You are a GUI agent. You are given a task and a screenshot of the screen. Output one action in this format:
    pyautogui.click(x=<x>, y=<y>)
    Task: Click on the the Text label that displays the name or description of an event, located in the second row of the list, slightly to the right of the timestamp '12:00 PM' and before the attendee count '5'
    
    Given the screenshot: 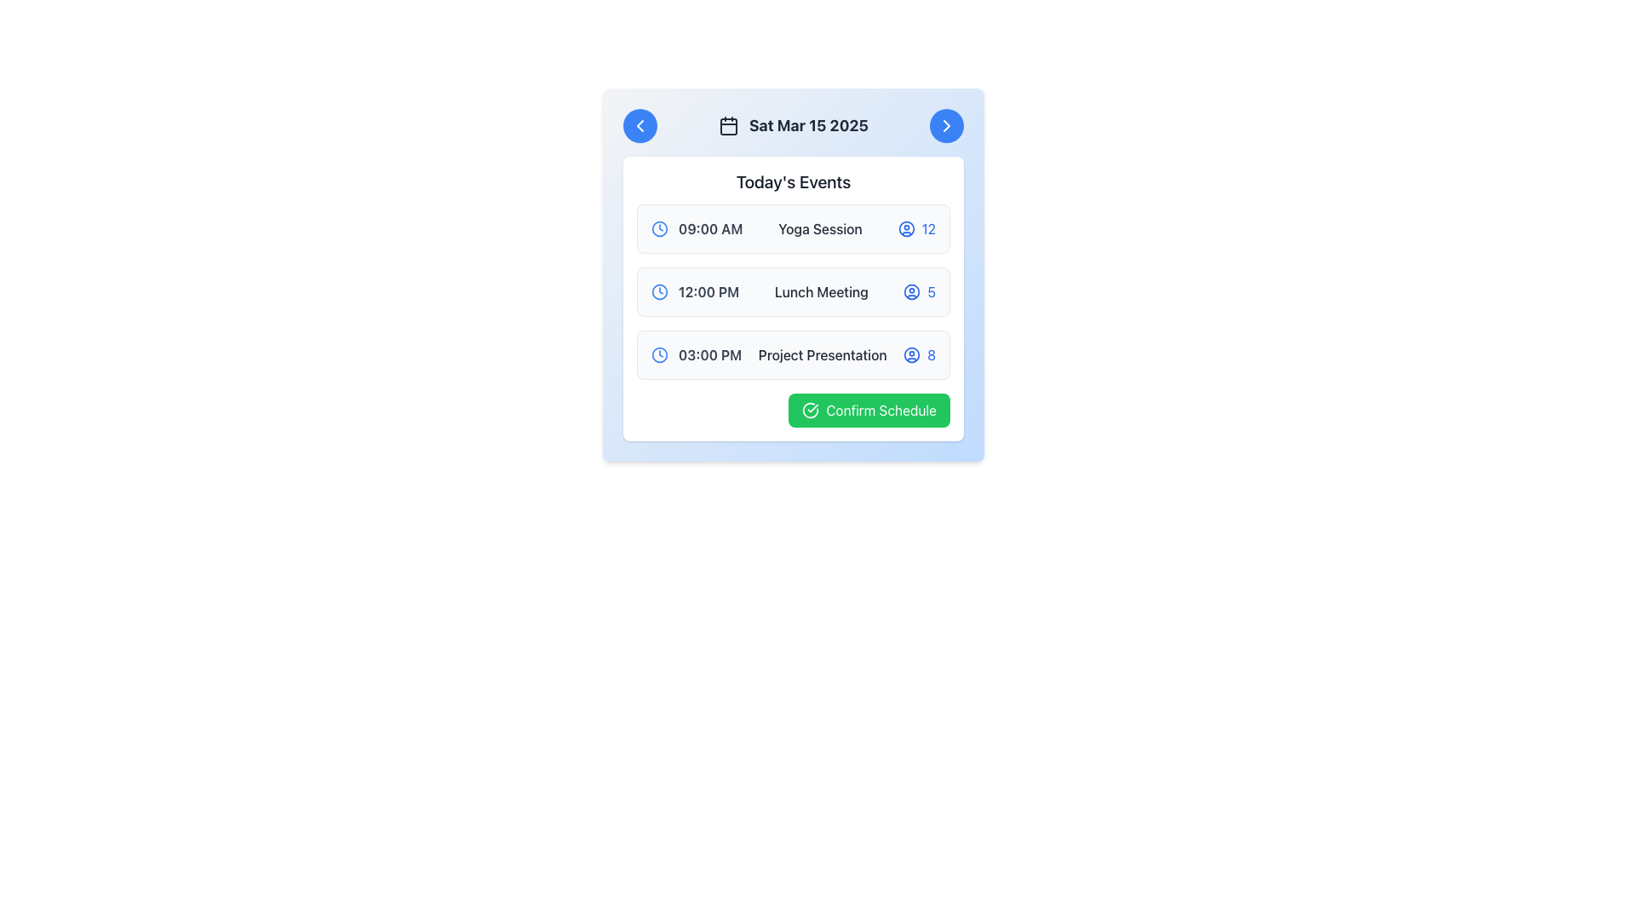 What is the action you would take?
    pyautogui.click(x=821, y=291)
    